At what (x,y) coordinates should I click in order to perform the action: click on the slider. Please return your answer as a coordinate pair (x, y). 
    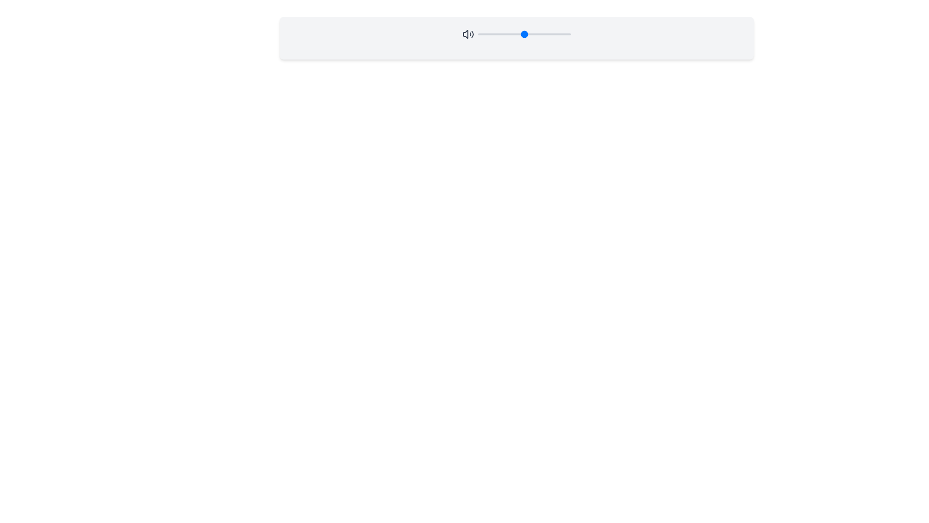
    Looking at the image, I should click on (485, 33).